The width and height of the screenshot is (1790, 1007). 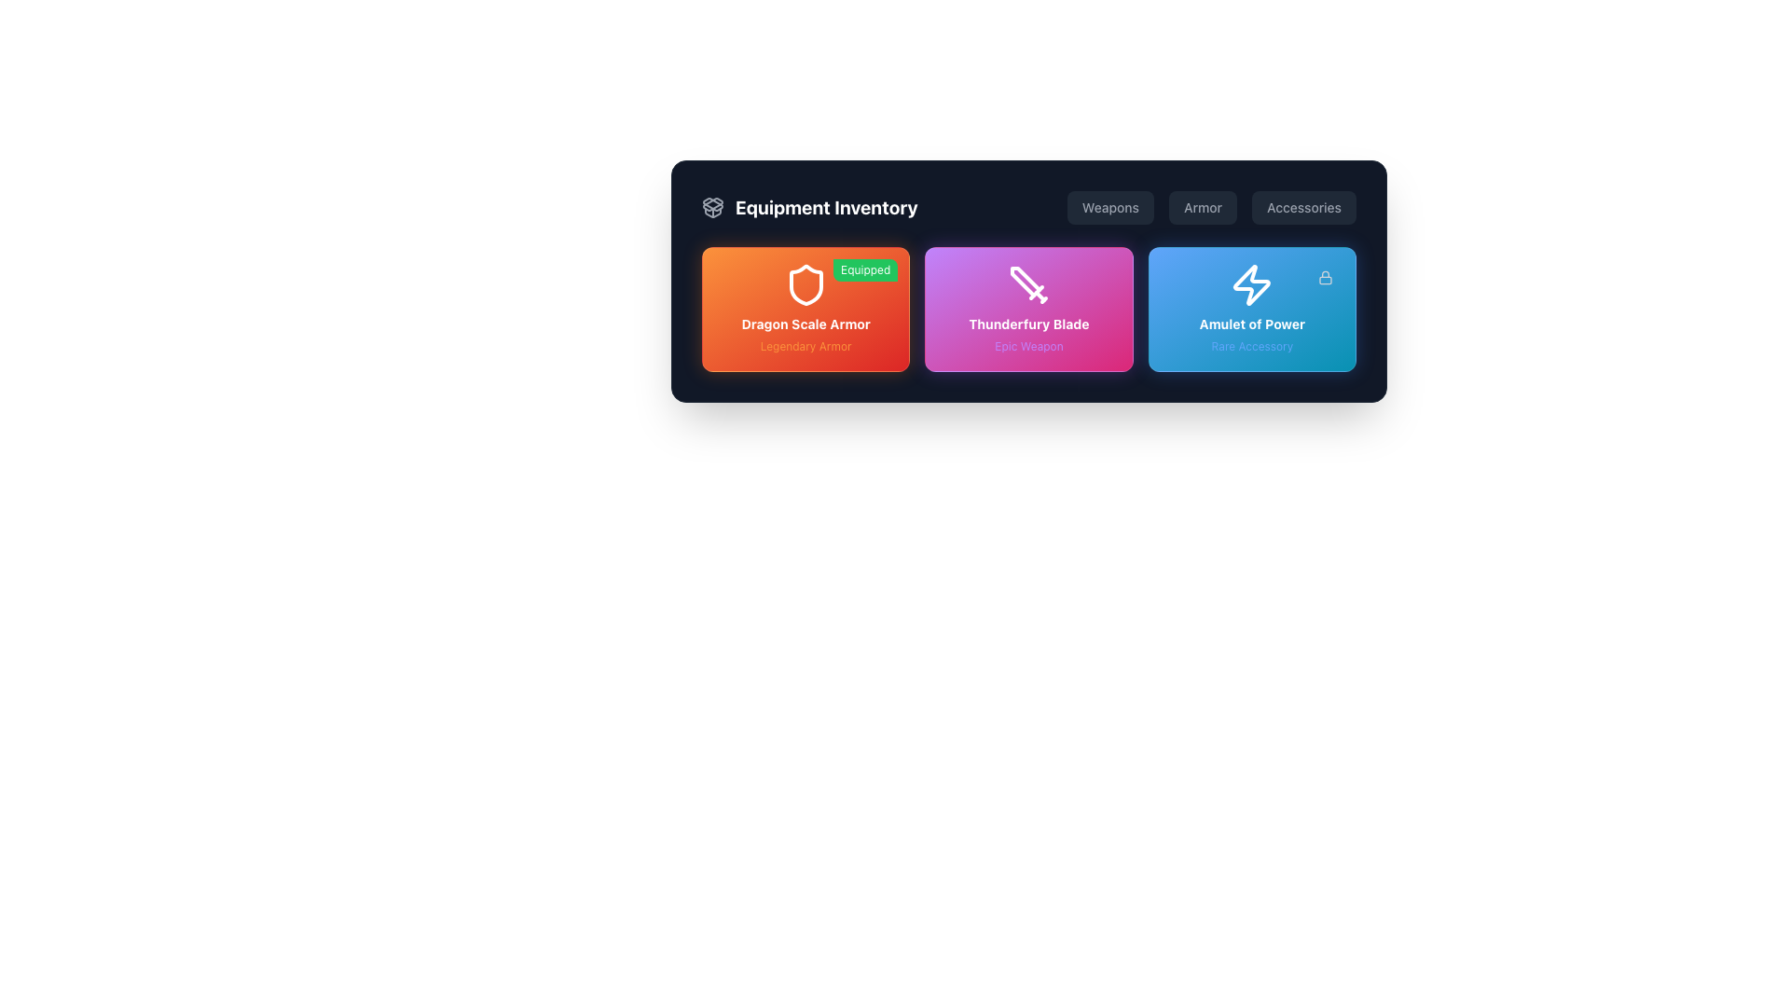 I want to click on the icon representing the 'Amulet of Power' item, which is centered within the blue card labeled 'Amulet of Power' in the interface, so click(x=1252, y=284).